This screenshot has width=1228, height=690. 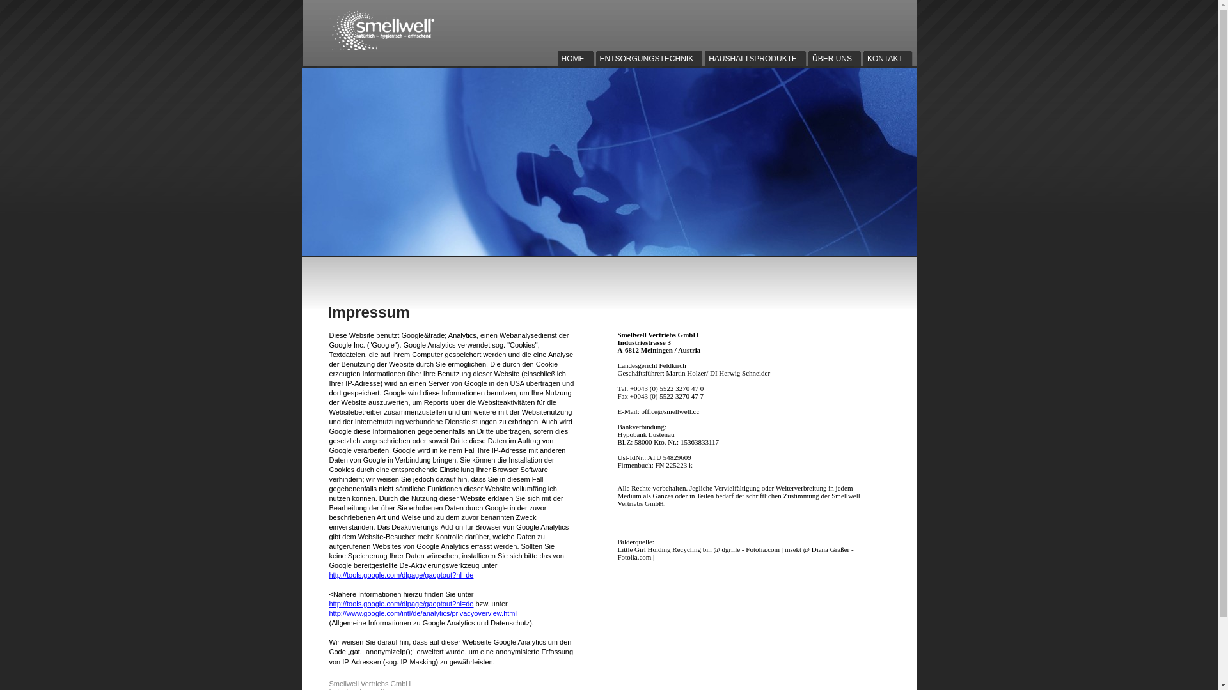 What do you see at coordinates (888, 58) in the screenshot?
I see `'KONTAKT'` at bounding box center [888, 58].